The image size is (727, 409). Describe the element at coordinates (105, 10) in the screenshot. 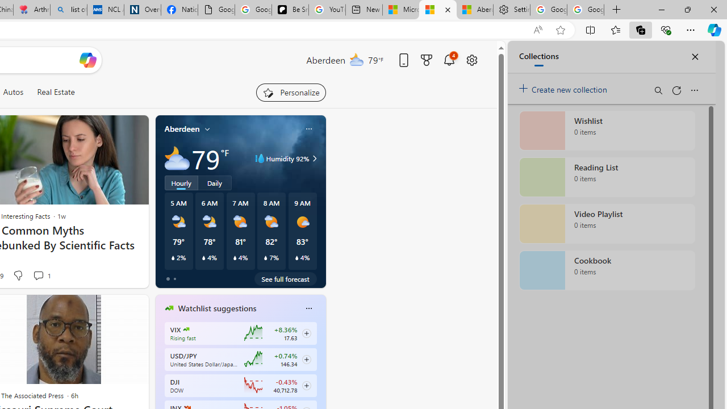

I see `'NCL Adult Asthma Inhaler Choice Guideline'` at that location.